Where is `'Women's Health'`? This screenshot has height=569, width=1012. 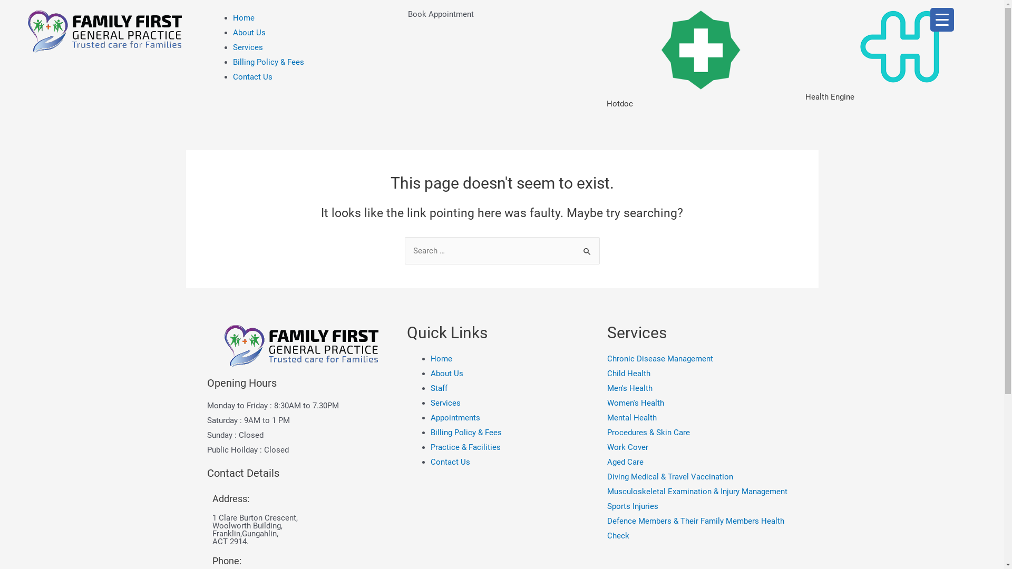
'Women's Health' is located at coordinates (607, 403).